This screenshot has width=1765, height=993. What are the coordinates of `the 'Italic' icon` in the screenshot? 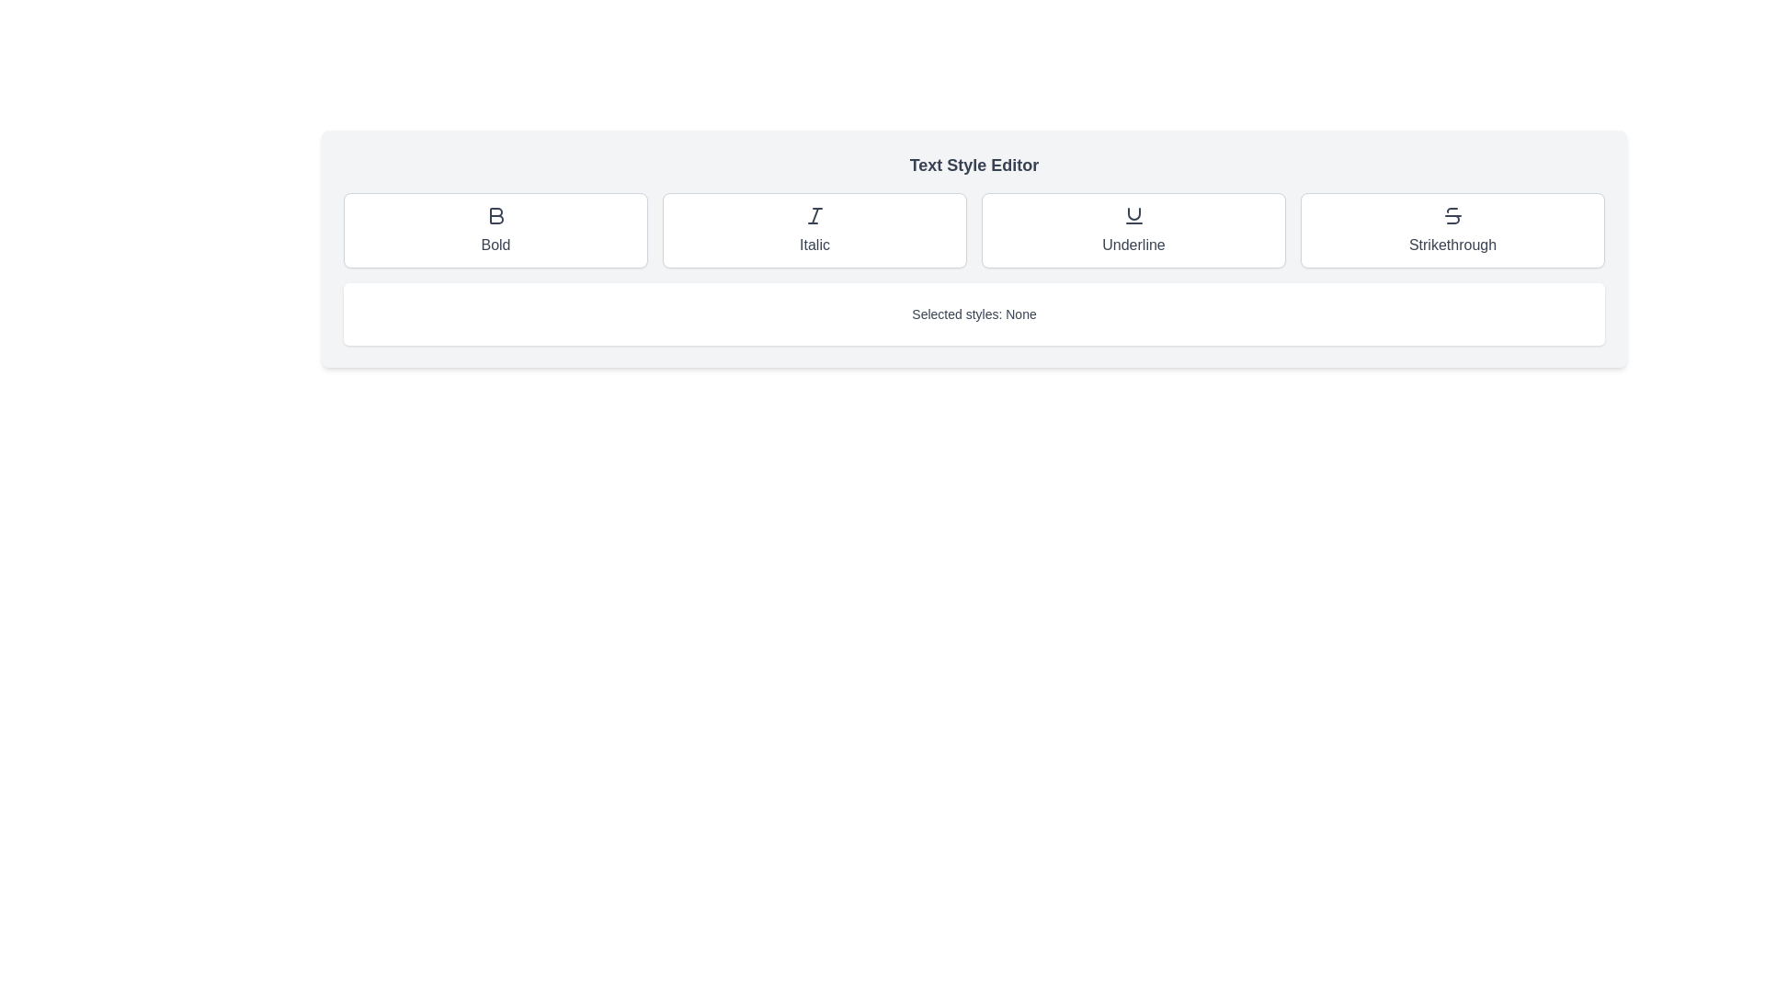 It's located at (814, 215).